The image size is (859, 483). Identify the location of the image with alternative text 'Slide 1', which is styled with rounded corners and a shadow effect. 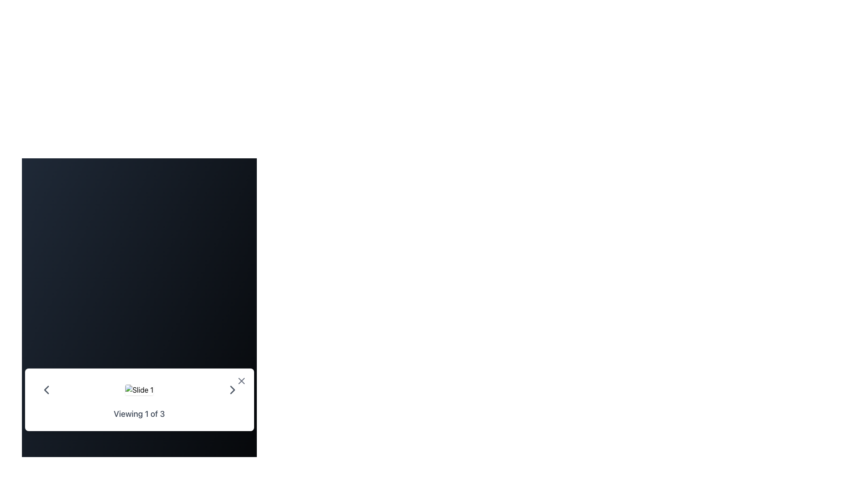
(139, 389).